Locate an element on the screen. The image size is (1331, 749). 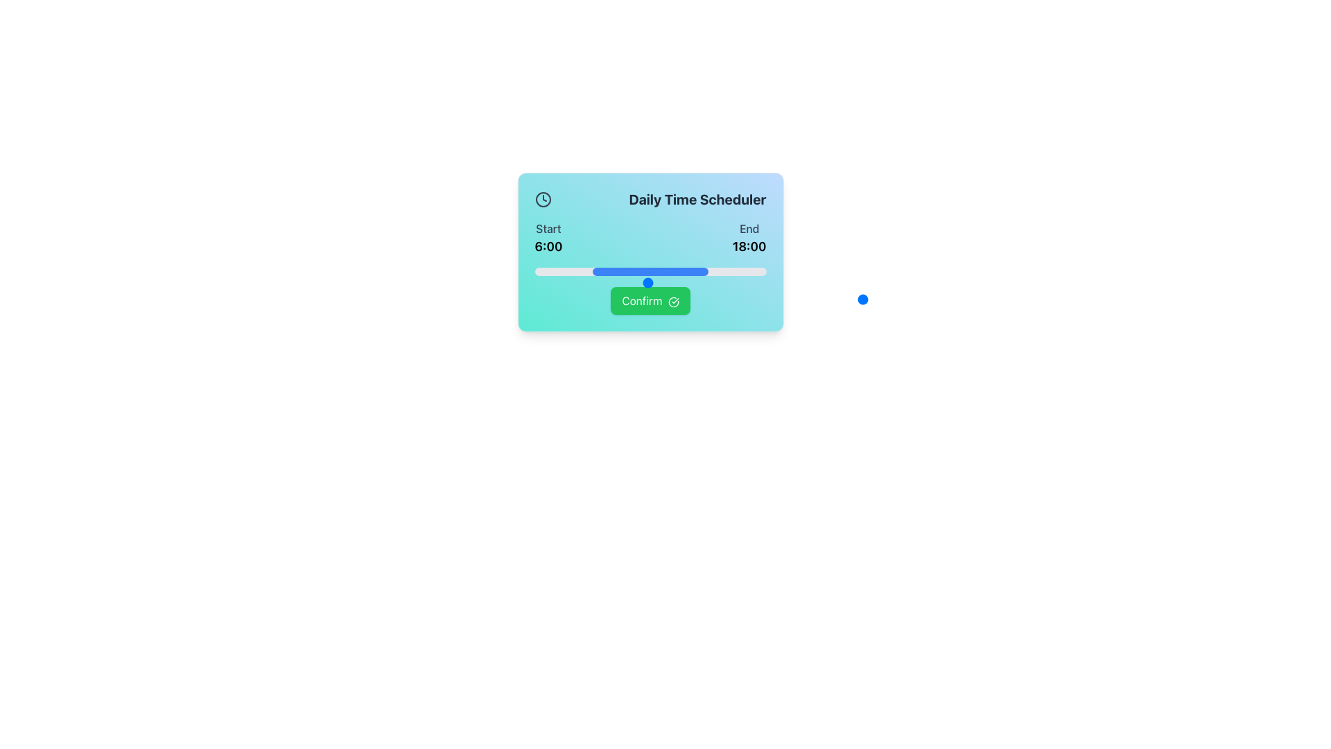
the static text label indicating the time '6:00', which is positioned below the 'Start' label in the time scheduler interface is located at coordinates (548, 246).